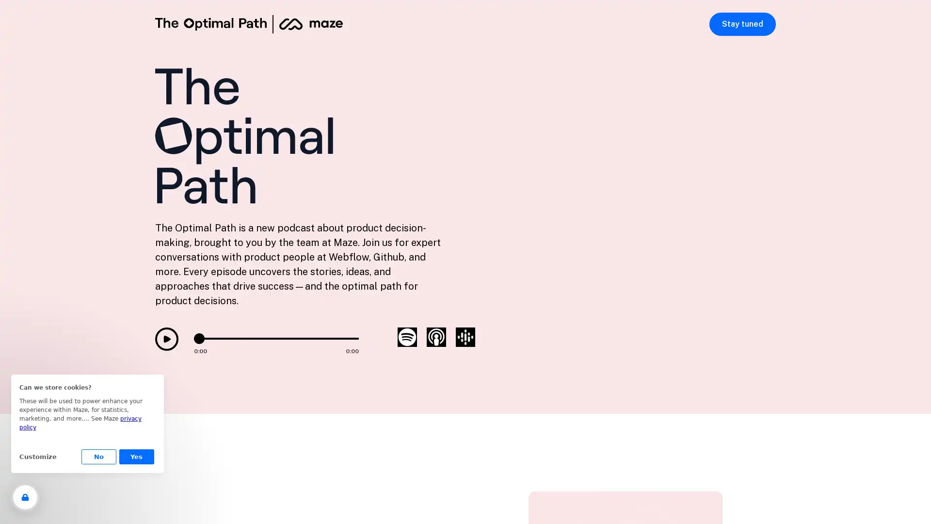 The height and width of the screenshot is (524, 931). Describe the element at coordinates (742, 24) in the screenshot. I see `Stay tuned` at that location.